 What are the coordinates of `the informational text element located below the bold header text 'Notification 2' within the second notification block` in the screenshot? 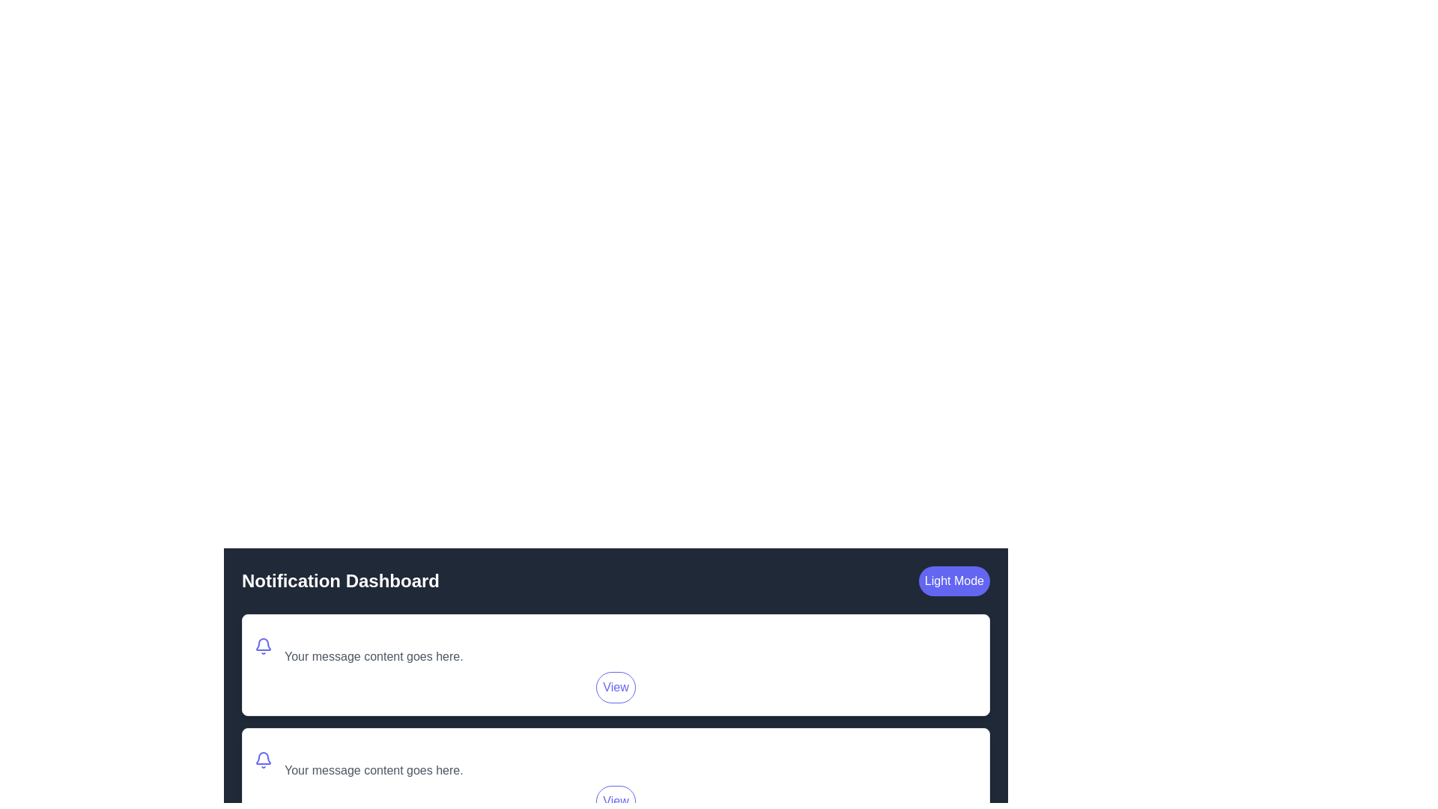 It's located at (374, 771).